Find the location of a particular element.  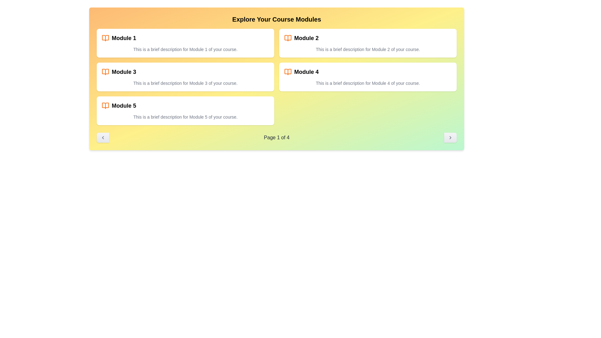

displayed text in the Text Label that contains 'This is a brief description for Module 3 of your course.', which is located inside the 'Module 3' card, beneath the title is located at coordinates (185, 83).